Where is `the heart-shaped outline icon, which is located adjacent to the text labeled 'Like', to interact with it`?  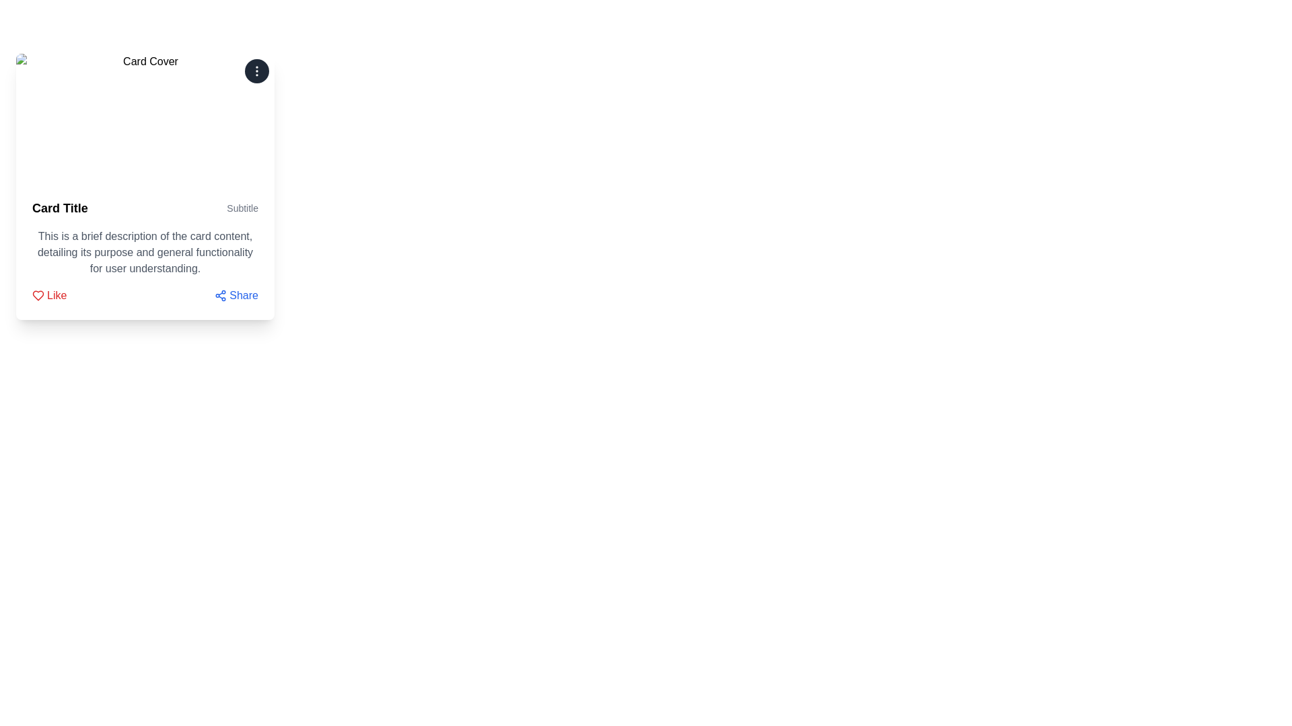
the heart-shaped outline icon, which is located adjacent to the text labeled 'Like', to interact with it is located at coordinates (38, 294).